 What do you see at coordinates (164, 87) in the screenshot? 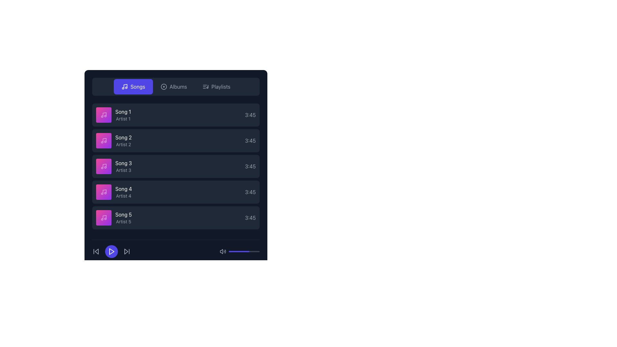
I see `the design of the circular icon resembling a disc, which is part of the navigation menu on the second selectable tab labeled 'Albums'` at bounding box center [164, 87].